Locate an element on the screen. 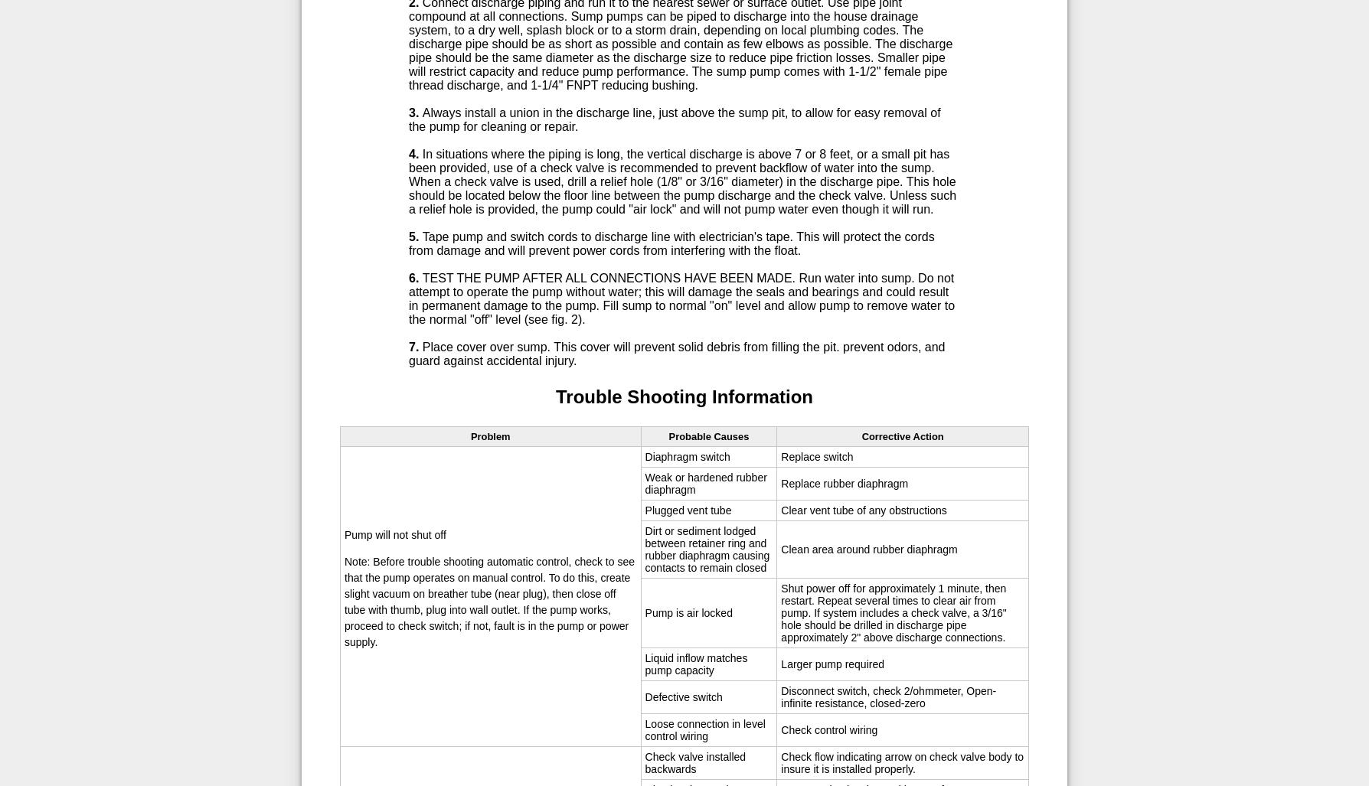 The height and width of the screenshot is (786, 1369). 'Corrective Action' is located at coordinates (861, 435).